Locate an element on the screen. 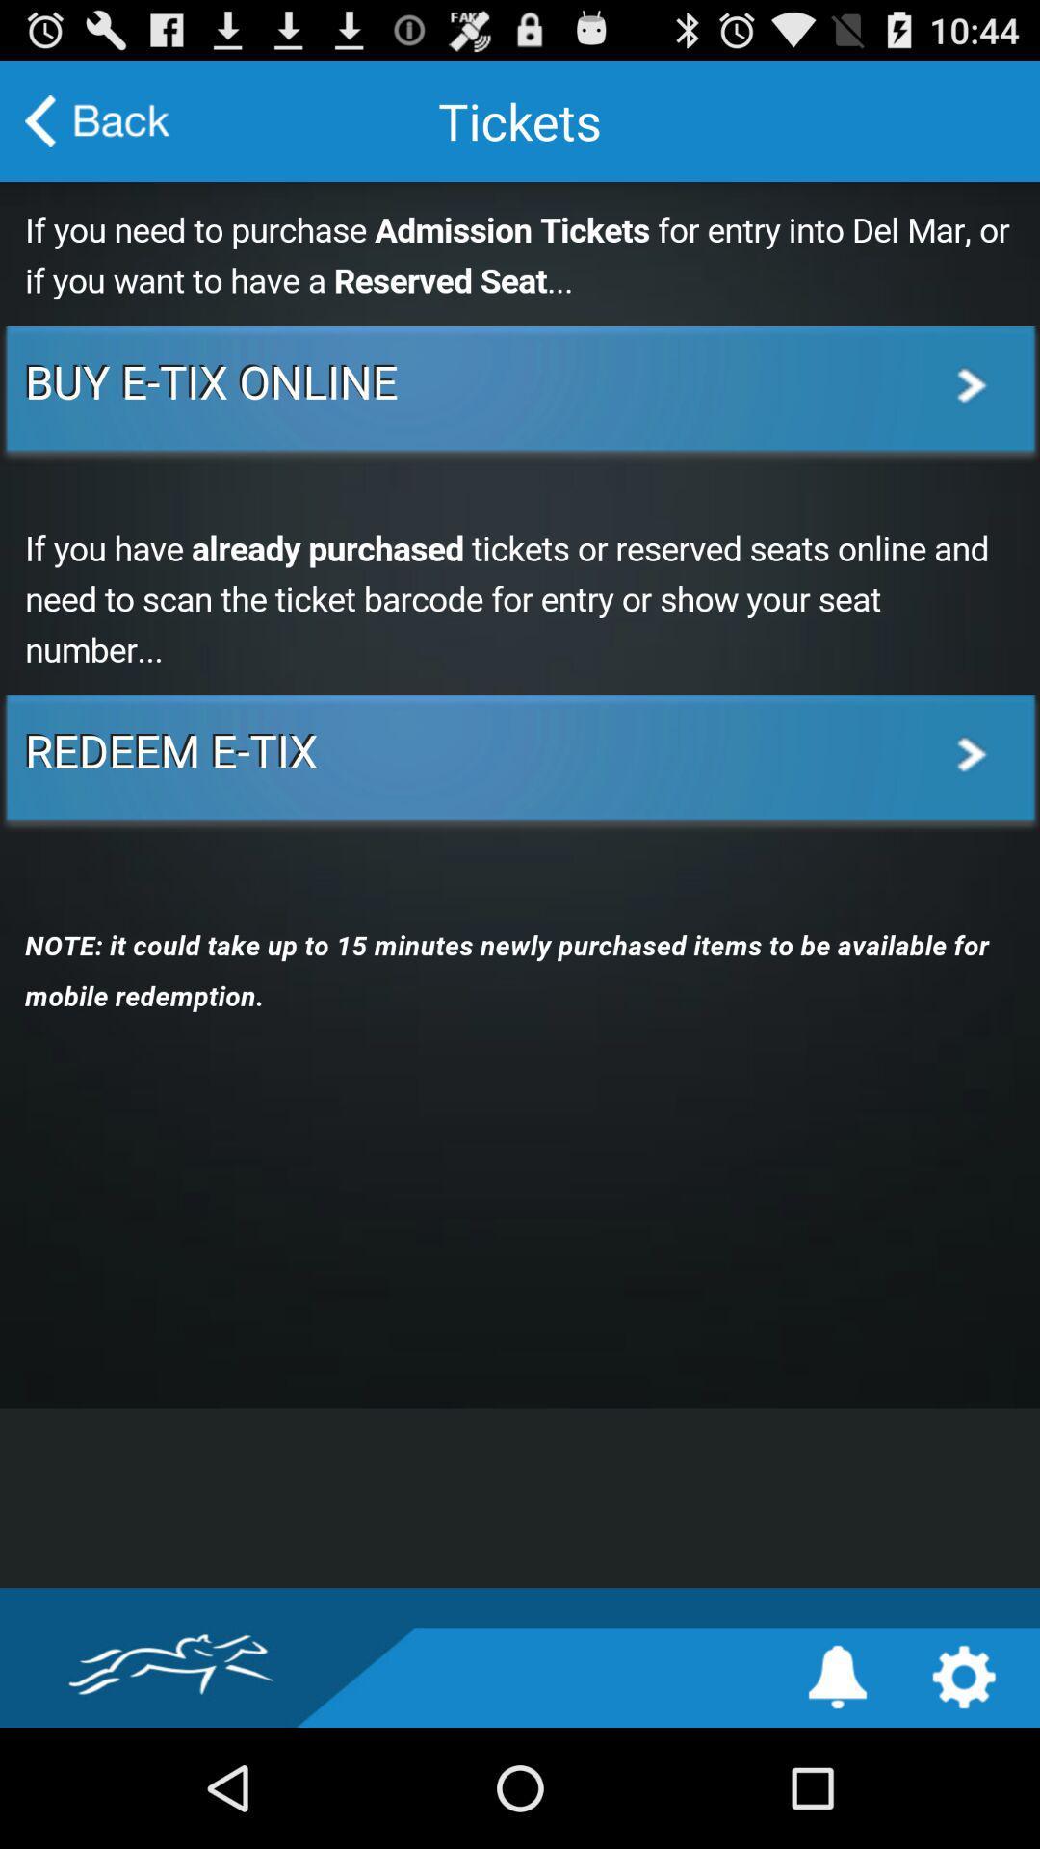 The image size is (1040, 1849). settings is located at coordinates (964, 1676).